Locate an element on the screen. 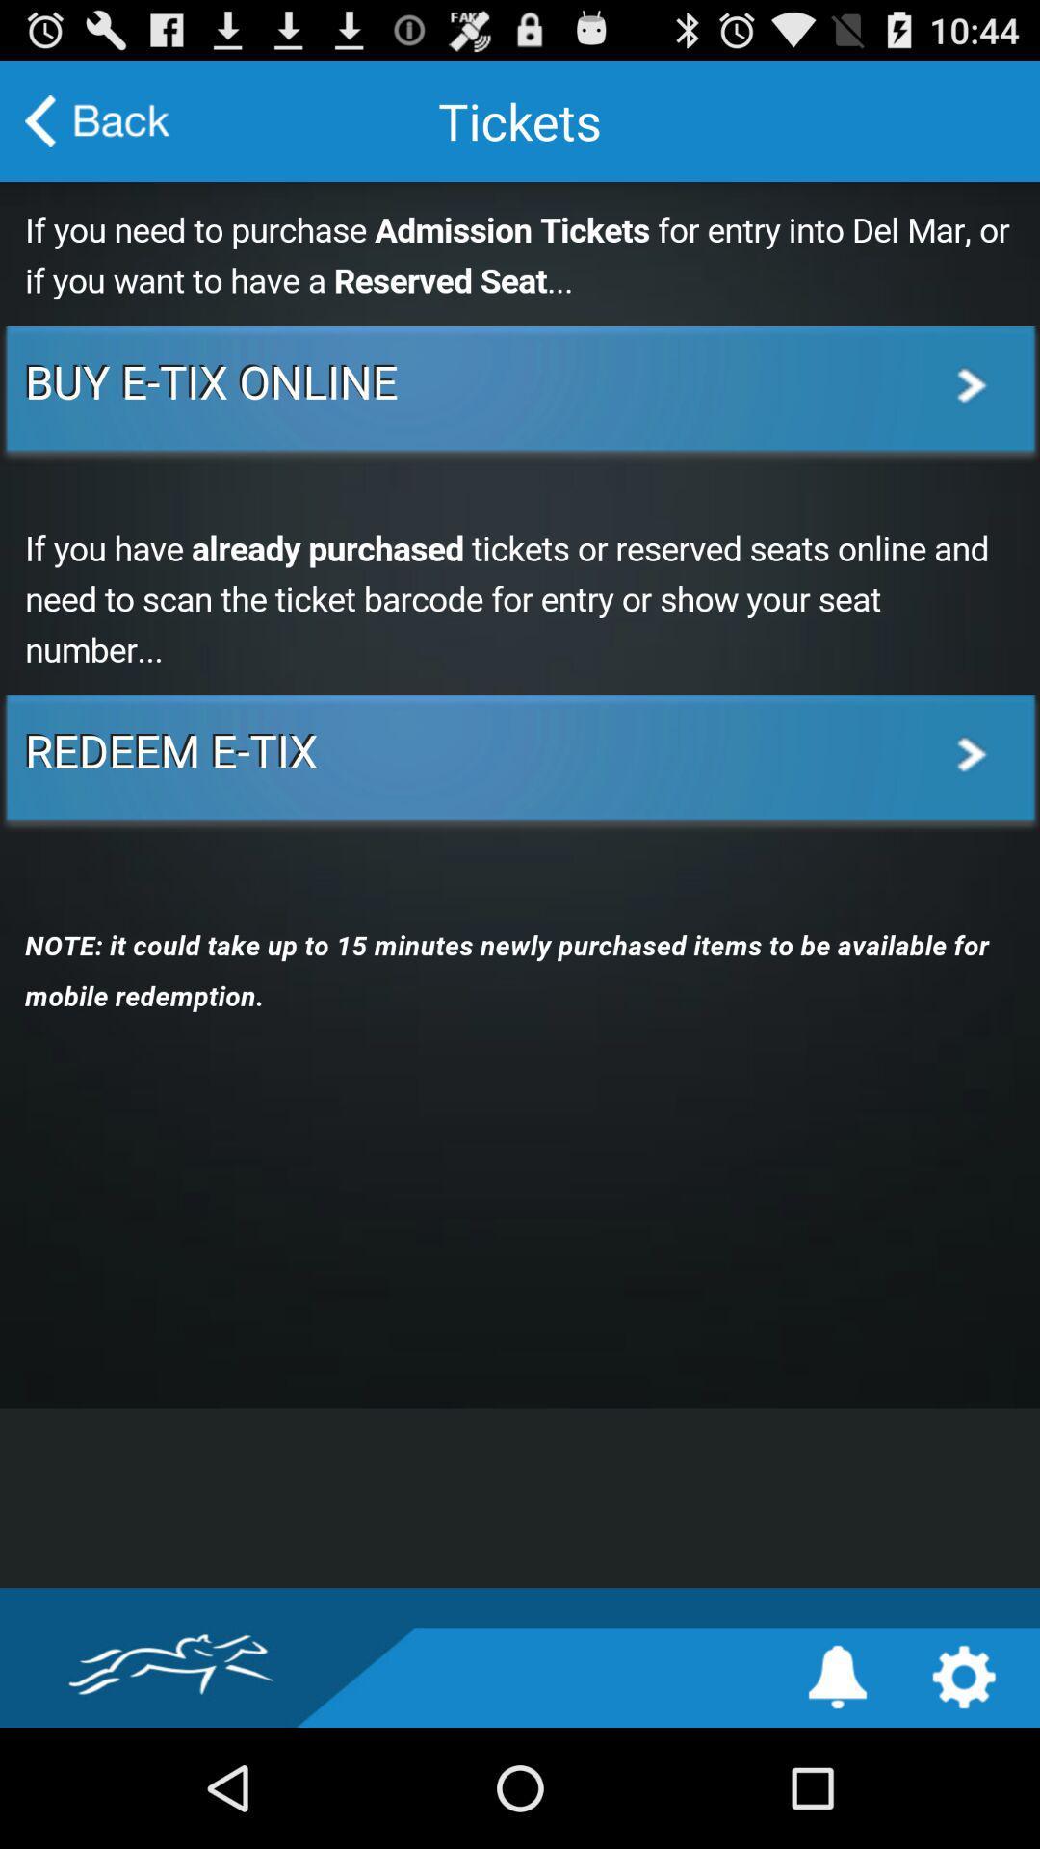 The image size is (1040, 1849). settings is located at coordinates (964, 1676).